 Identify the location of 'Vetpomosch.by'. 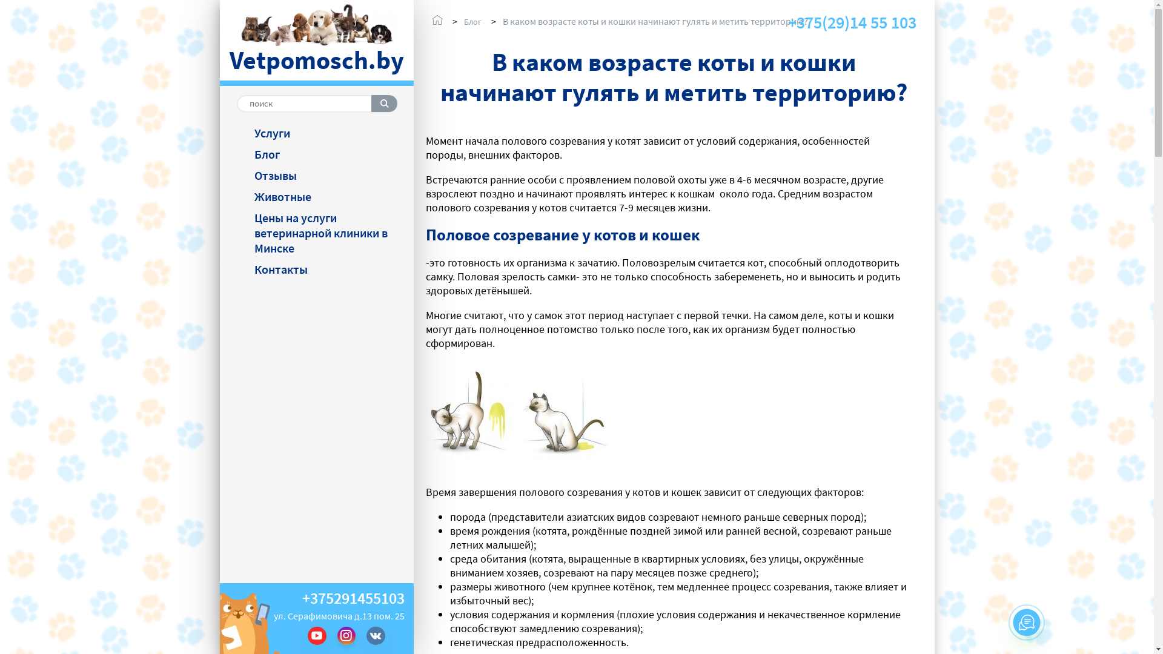
(317, 41).